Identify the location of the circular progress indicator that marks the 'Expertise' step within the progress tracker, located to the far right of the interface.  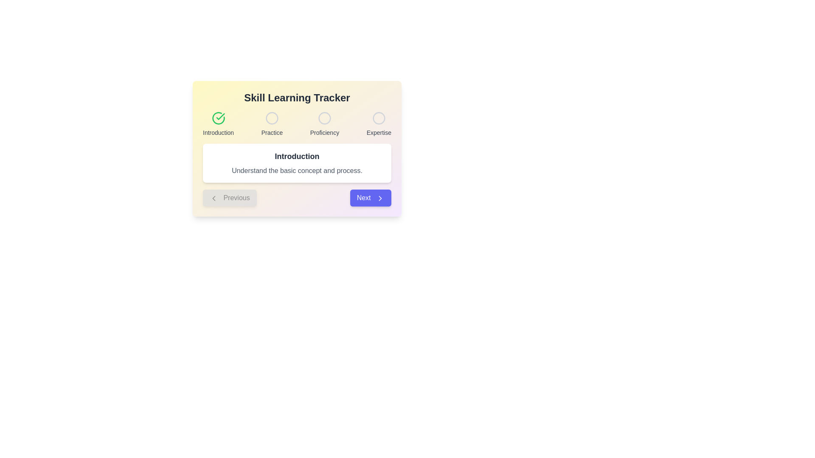
(378, 118).